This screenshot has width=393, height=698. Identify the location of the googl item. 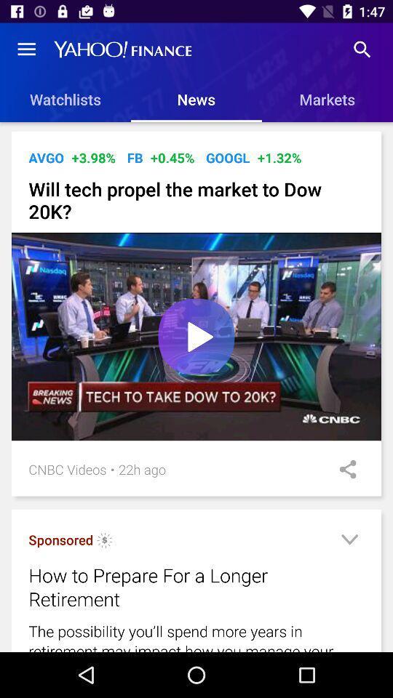
(228, 158).